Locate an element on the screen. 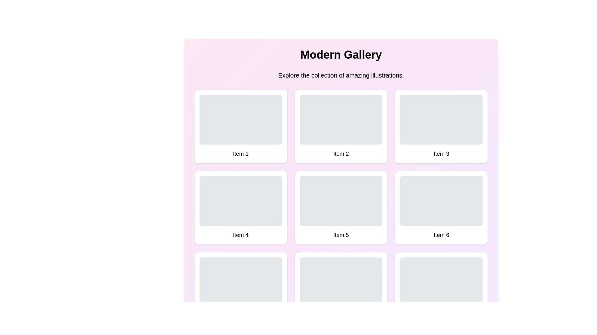  the Text Label displaying 'Explore the collection of amazing illustrations.' which is centrally positioned below the heading 'Modern Gallery' is located at coordinates (341, 75).